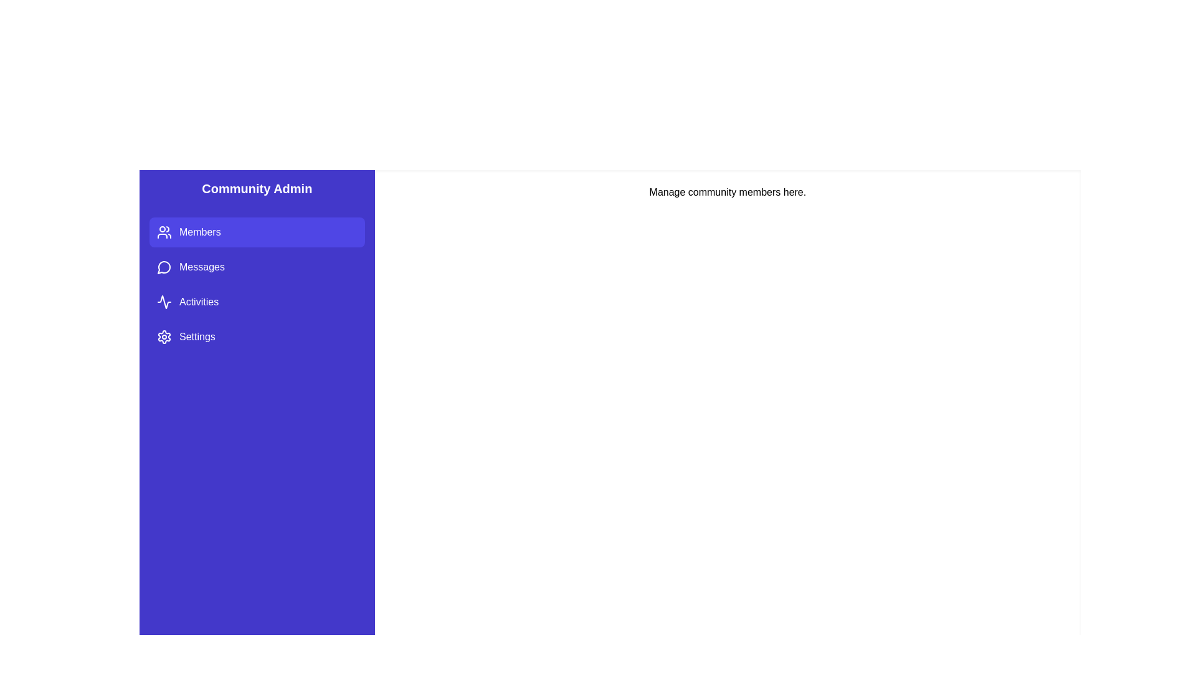 Image resolution: width=1196 pixels, height=673 pixels. I want to click on the 'Settings' icon in the sidebar menu, which visually indicates the navigation option for settings, so click(164, 336).